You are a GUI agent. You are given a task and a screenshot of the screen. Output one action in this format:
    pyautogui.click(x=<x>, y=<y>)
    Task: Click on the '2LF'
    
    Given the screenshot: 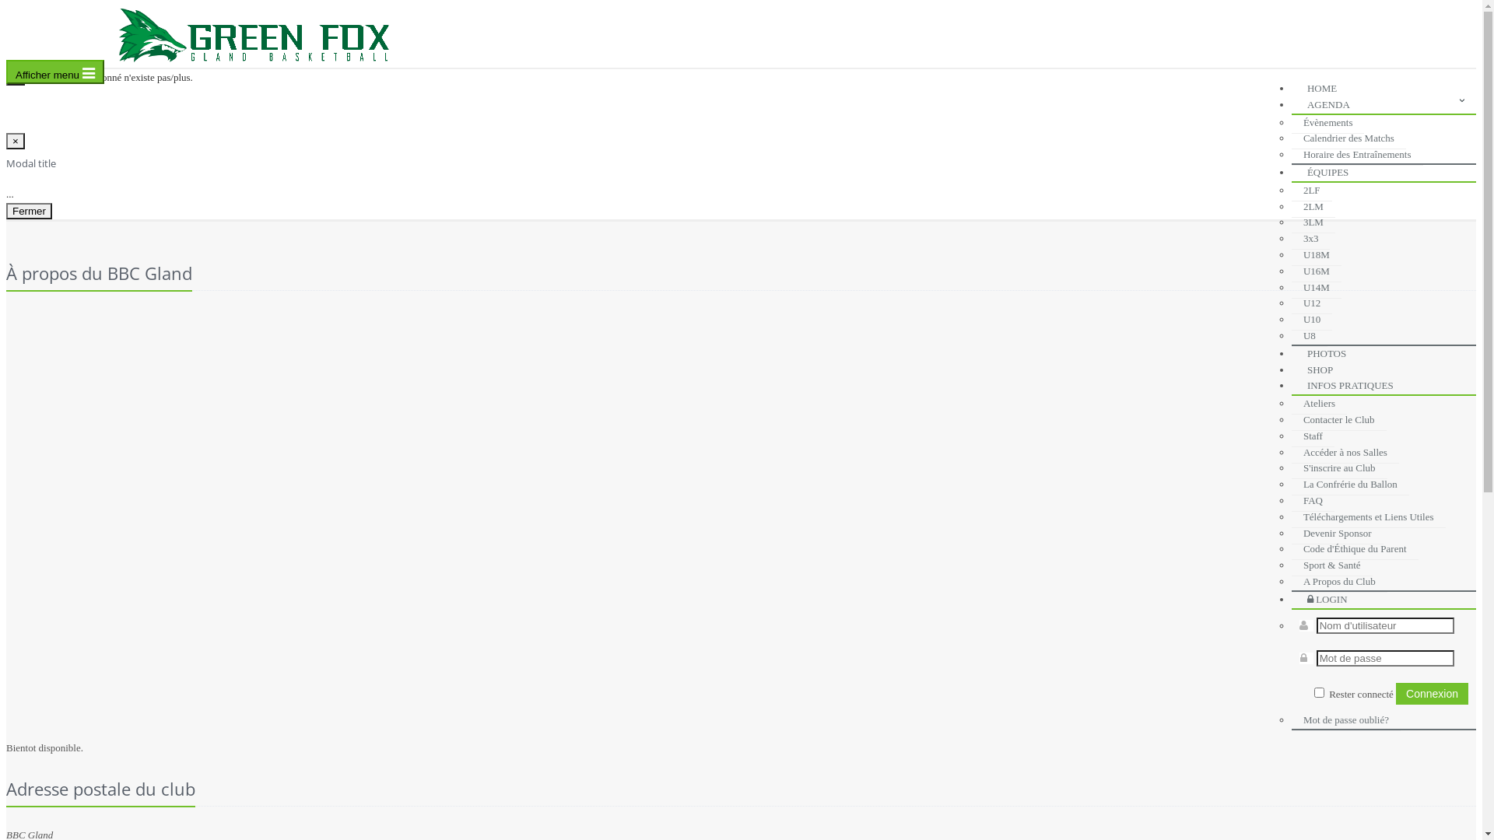 What is the action you would take?
    pyautogui.click(x=1310, y=190)
    